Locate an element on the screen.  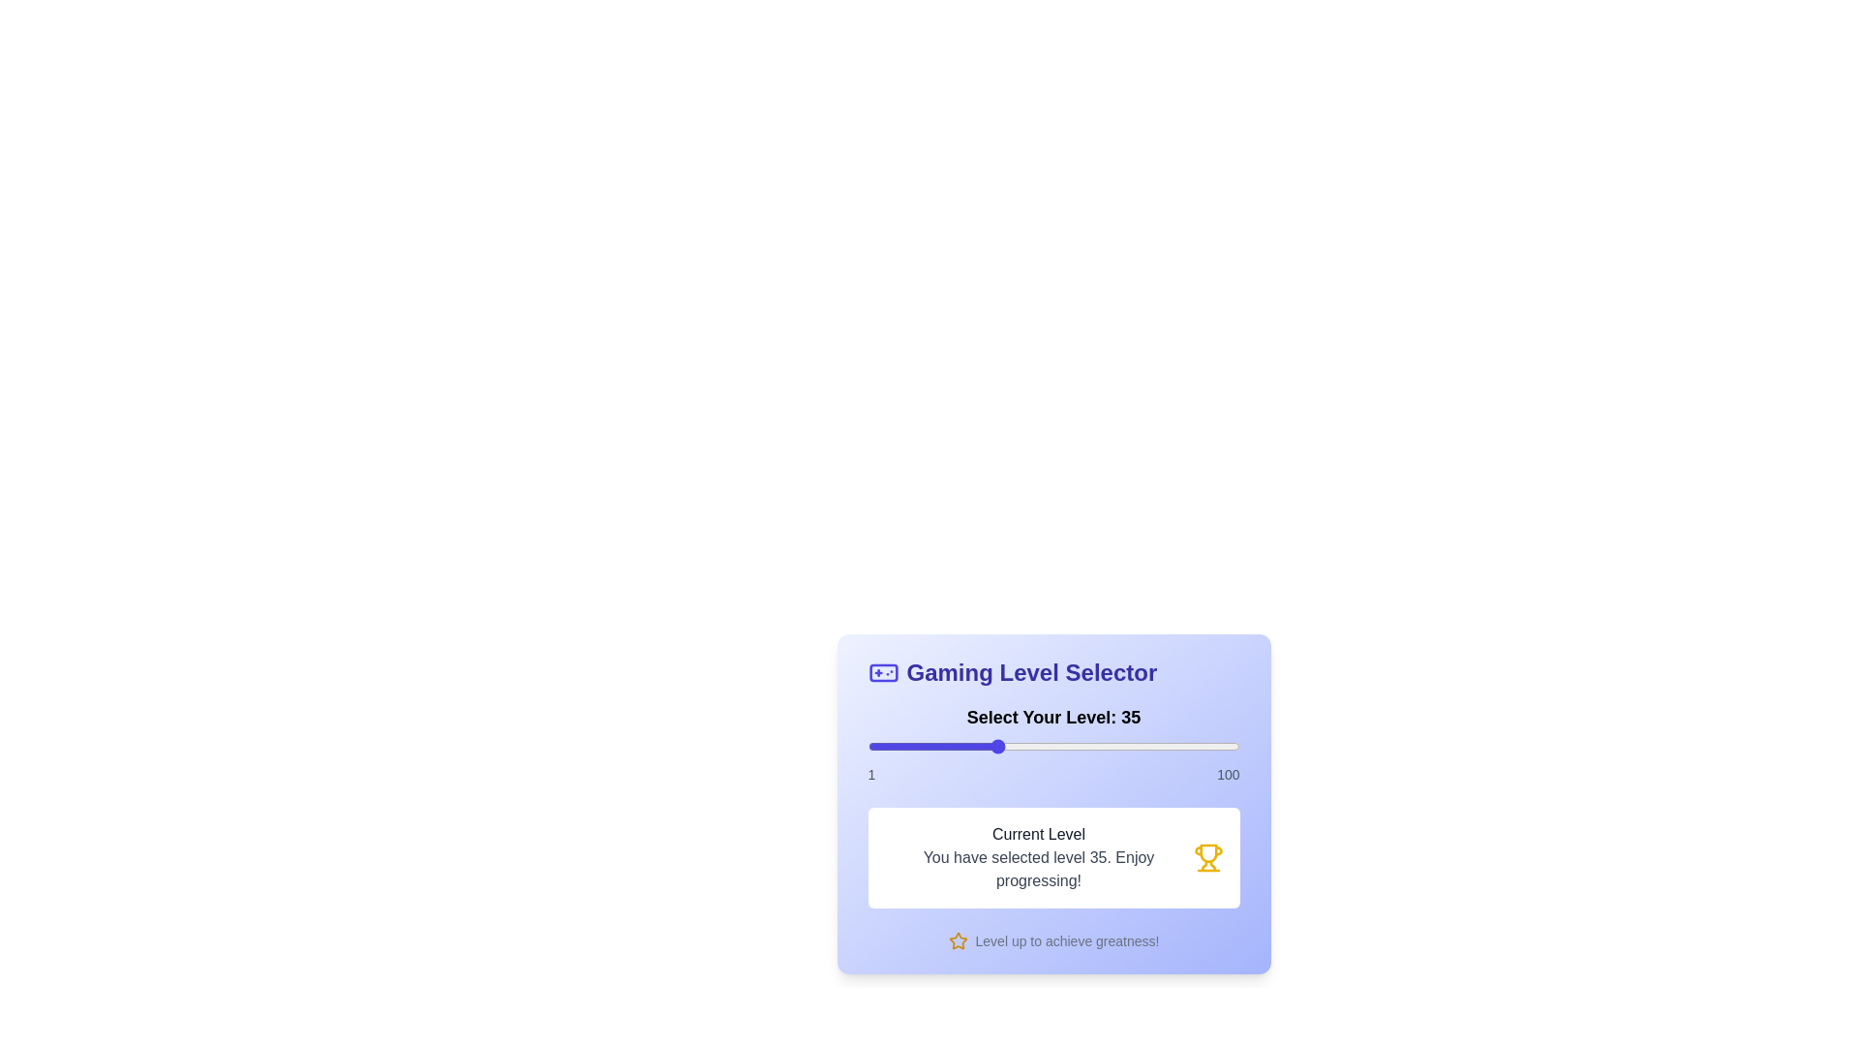
the level is located at coordinates (984, 746).